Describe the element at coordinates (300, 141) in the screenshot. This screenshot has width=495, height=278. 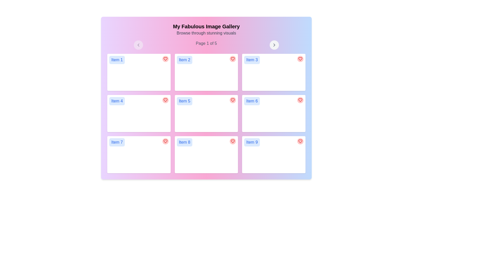
I see `the 'like' icon located in the top-right corner of the card labeled 'Item 9' in the third column of the third row` at that location.